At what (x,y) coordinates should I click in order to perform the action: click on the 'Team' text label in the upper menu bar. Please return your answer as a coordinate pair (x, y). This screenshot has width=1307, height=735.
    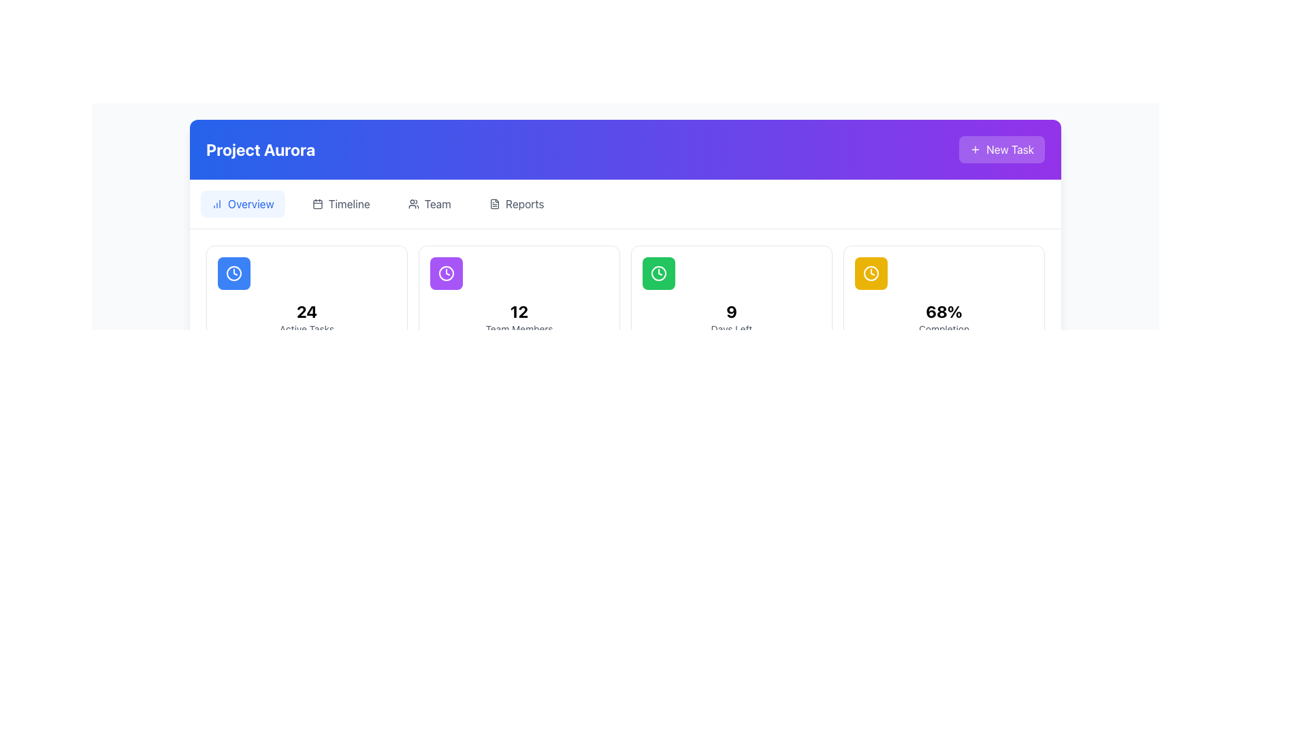
    Looking at the image, I should click on (438, 204).